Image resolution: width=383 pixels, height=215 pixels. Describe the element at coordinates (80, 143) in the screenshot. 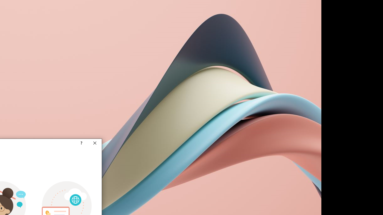

I see `'Context help'` at that location.